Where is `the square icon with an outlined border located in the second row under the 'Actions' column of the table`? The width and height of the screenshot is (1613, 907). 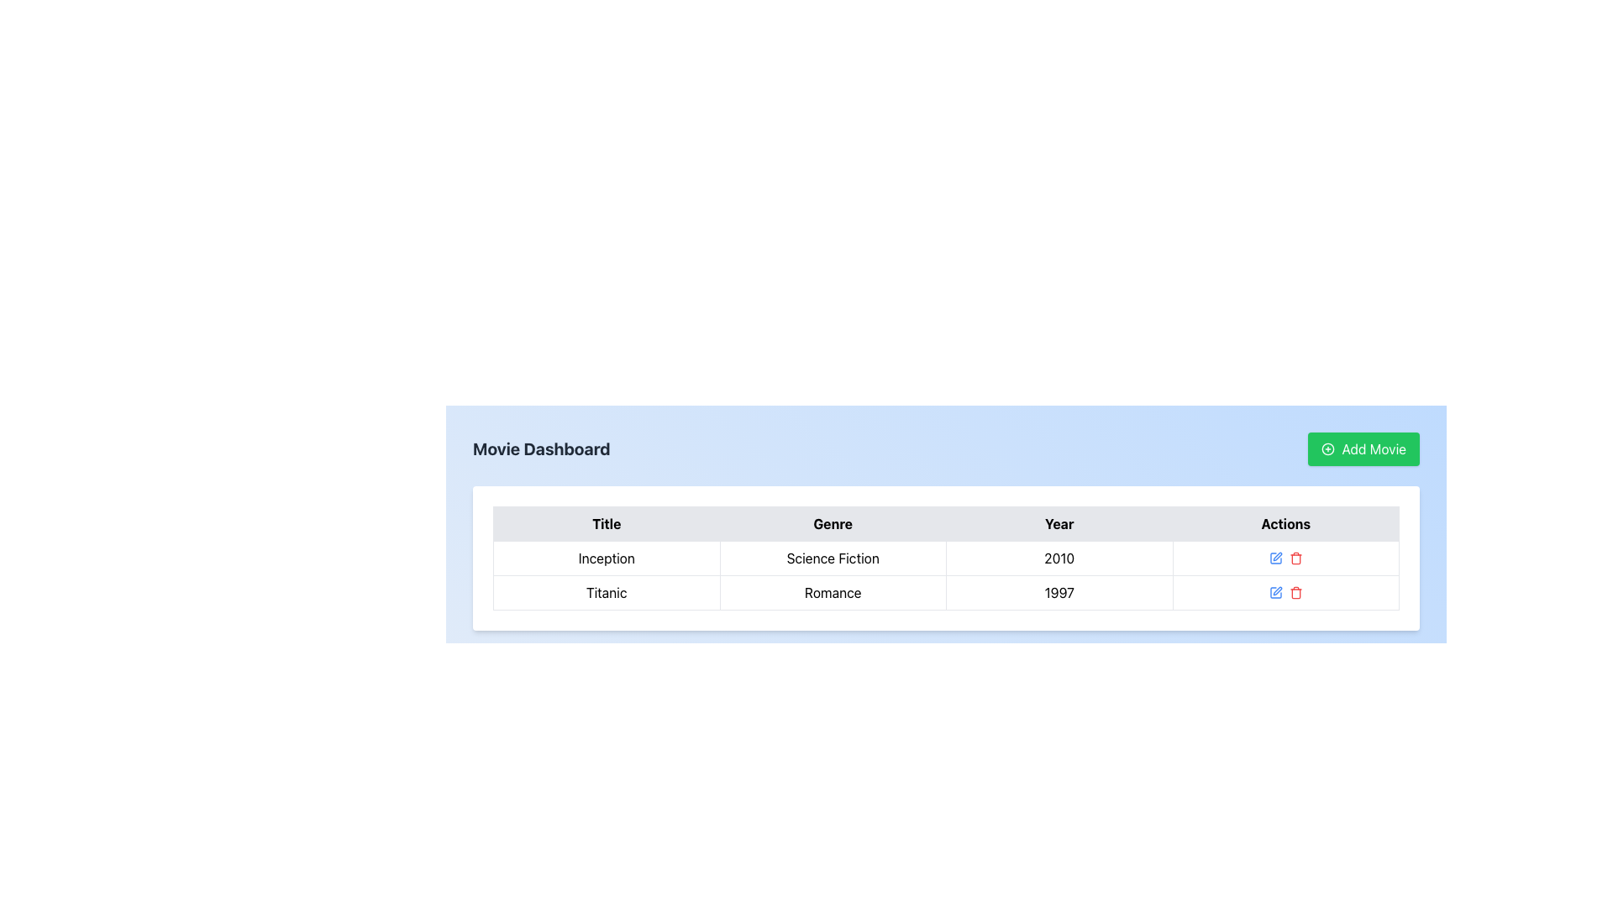 the square icon with an outlined border located in the second row under the 'Actions' column of the table is located at coordinates (1275, 558).